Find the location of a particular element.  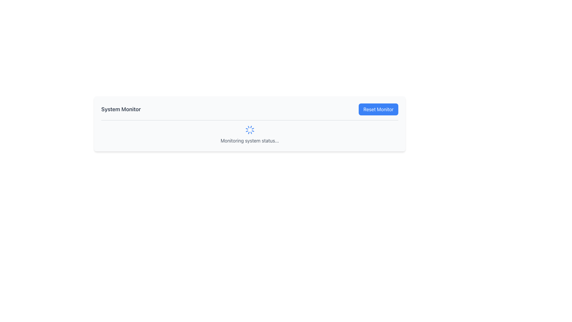

the text that reads 'Monitoring system status...' is located at coordinates (250, 140).